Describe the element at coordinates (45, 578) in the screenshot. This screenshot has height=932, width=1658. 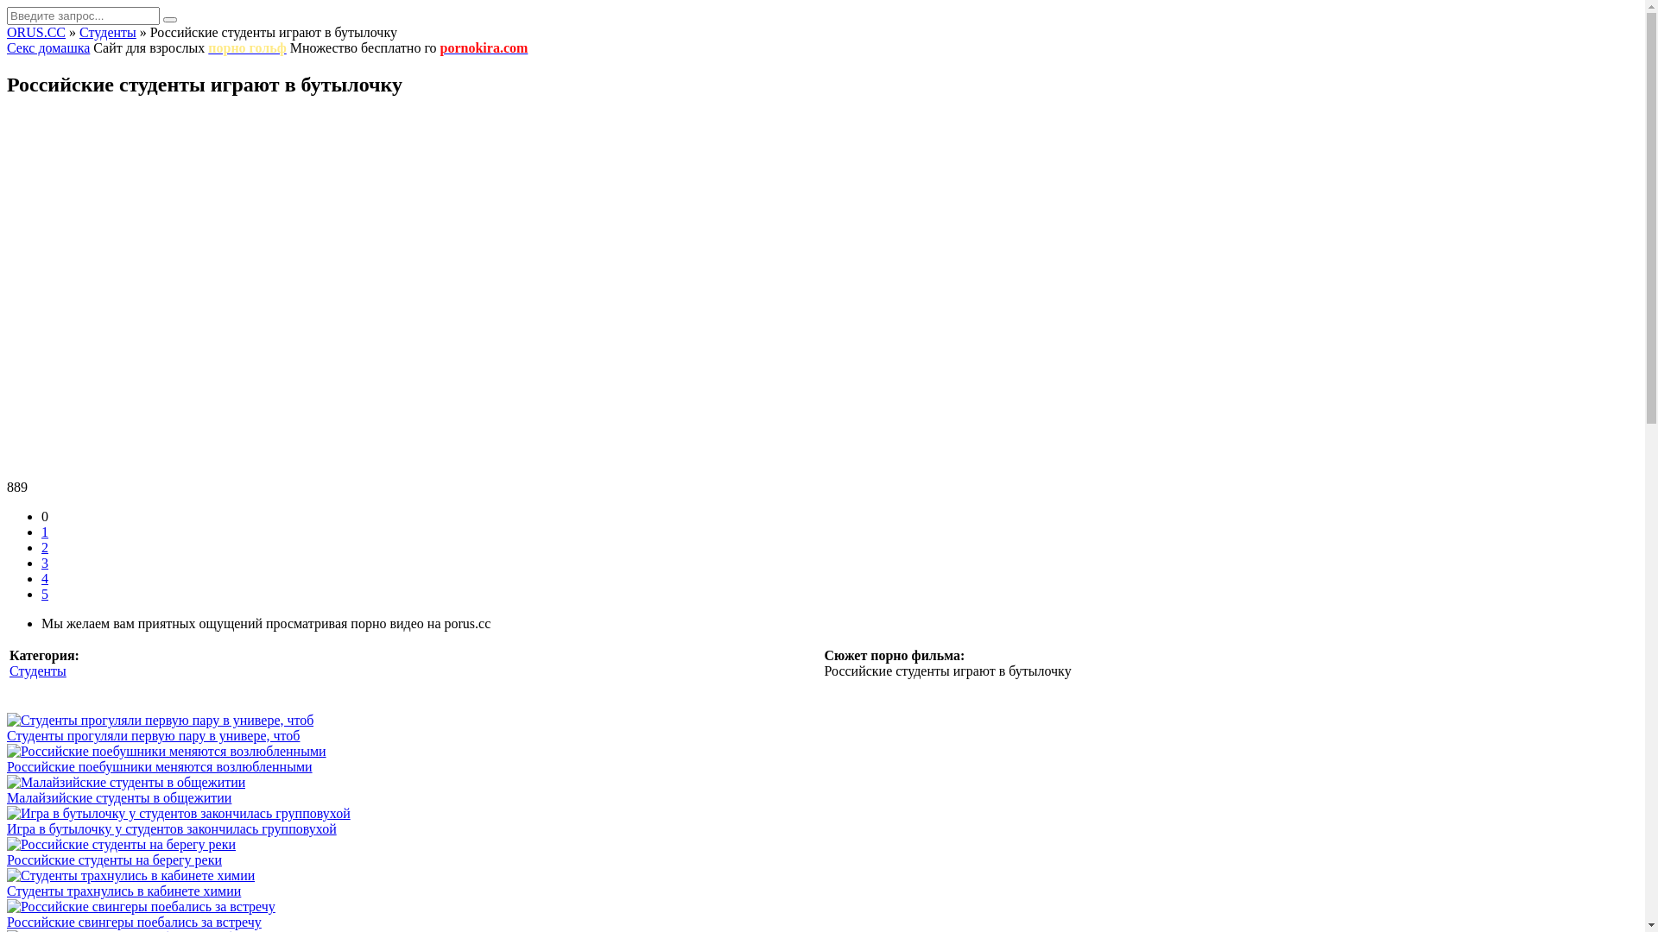
I see `'4'` at that location.